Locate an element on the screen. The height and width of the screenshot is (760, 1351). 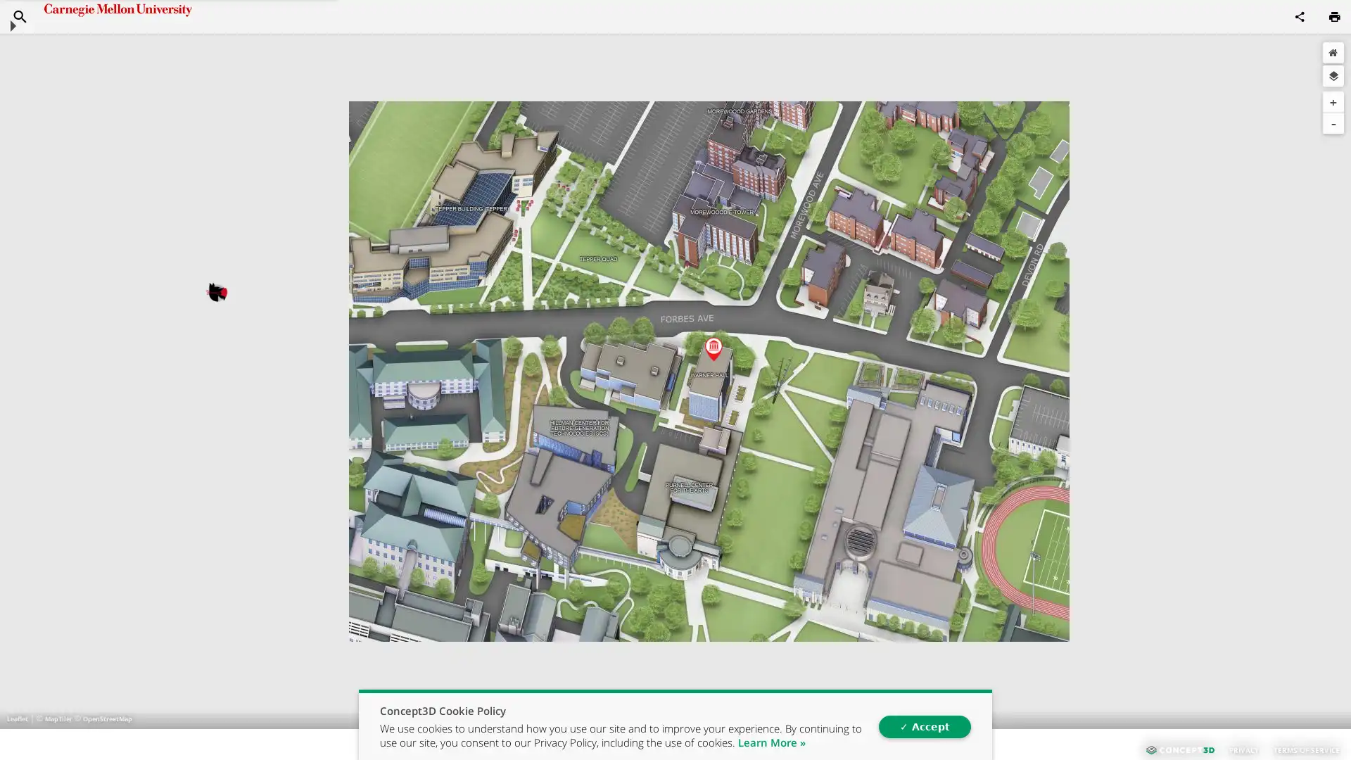
Zoom in is located at coordinates (1333, 101).